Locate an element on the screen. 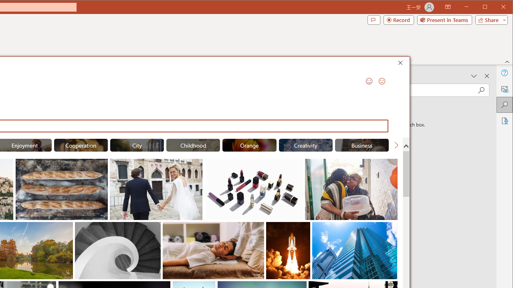 This screenshot has height=288, width=513. 'Next Search Suggestion' is located at coordinates (396, 145).